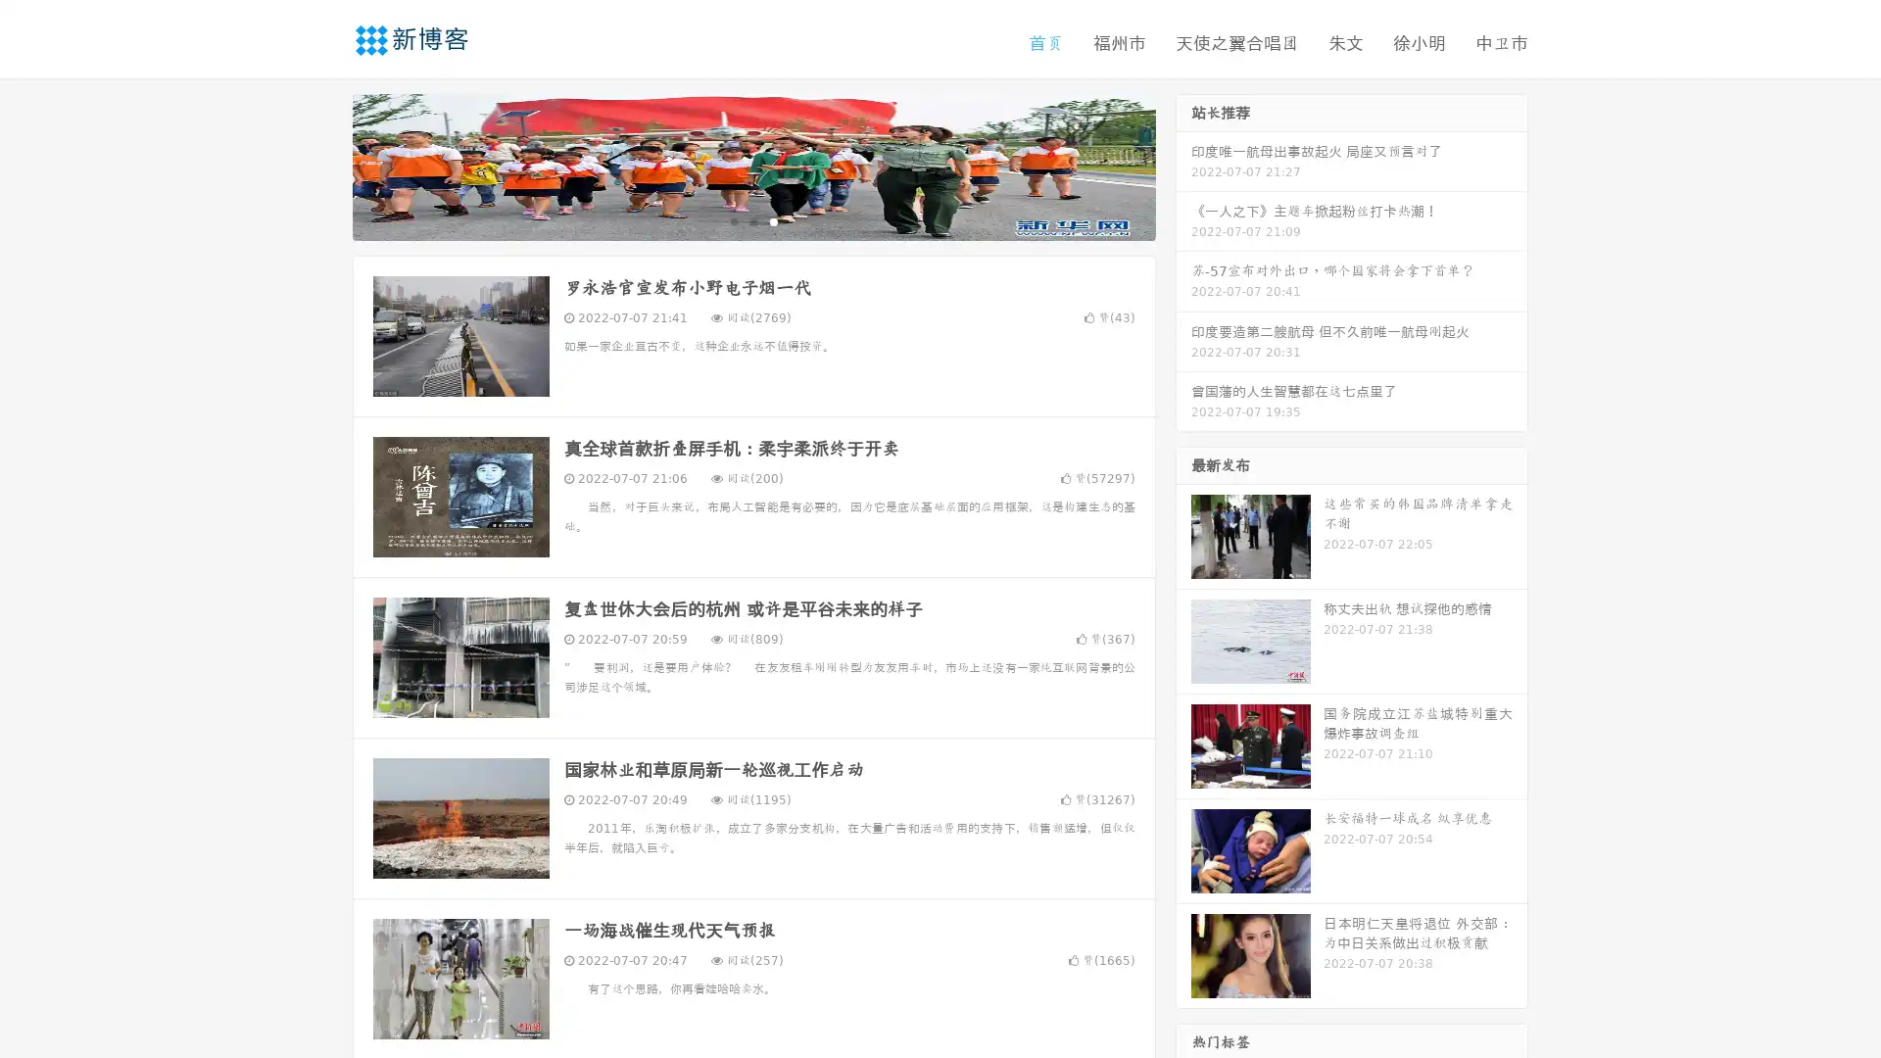  I want to click on Previous slide, so click(323, 165).